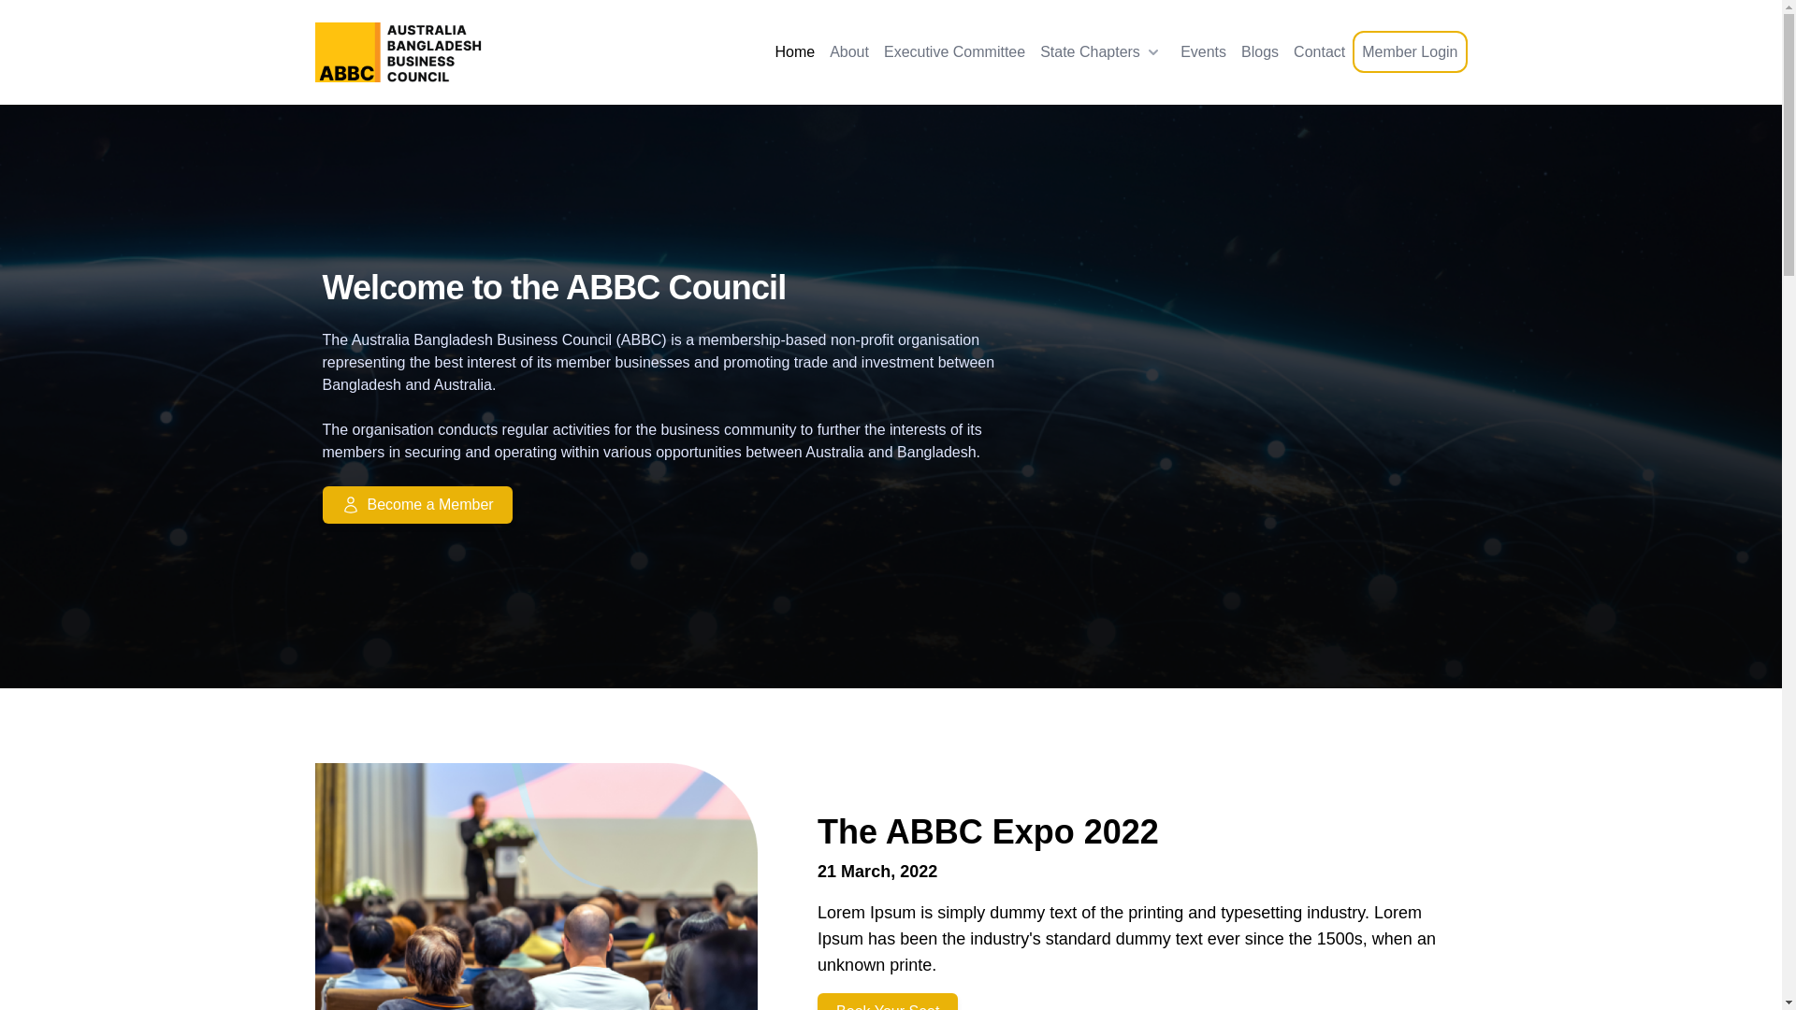 This screenshot has height=1010, width=1796. I want to click on 'Member Login', so click(1410, 50).